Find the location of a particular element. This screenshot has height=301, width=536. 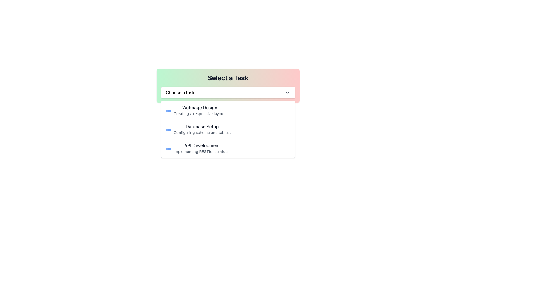

the downward chevron icon on the far right of the 'Choose a task' dropdown selection bar is located at coordinates (288, 92).